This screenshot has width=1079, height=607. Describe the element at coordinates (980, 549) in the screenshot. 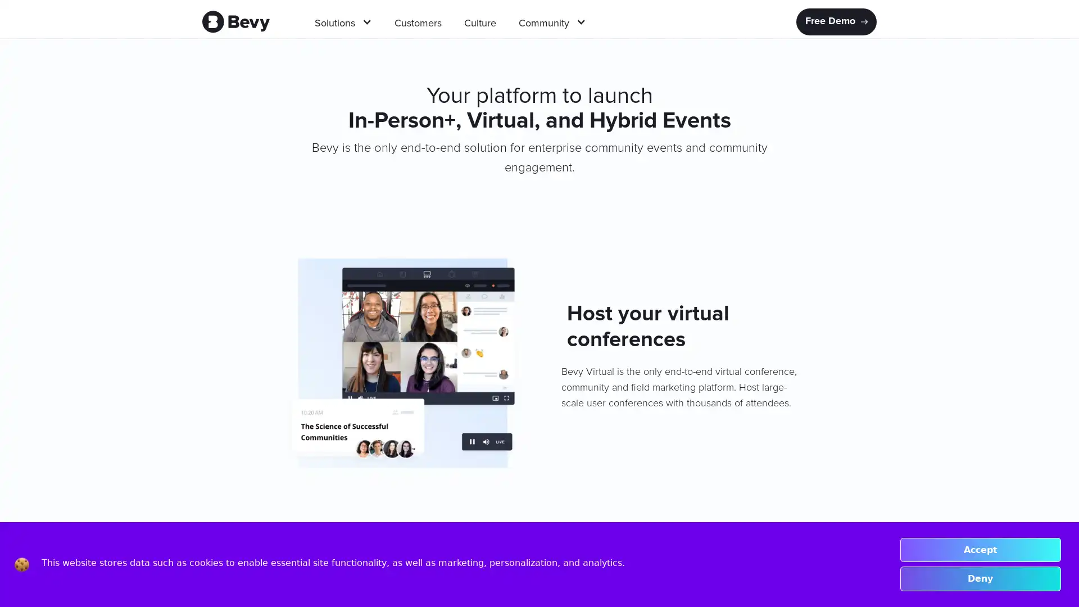

I see `Accept` at that location.